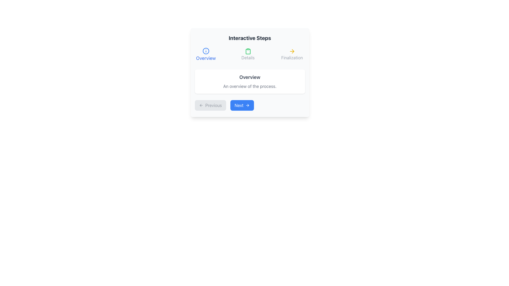  What do you see at coordinates (292, 51) in the screenshot?
I see `attributes of the forward action icon located in the Finalization section, which is the third and last step in the interactive steps list` at bounding box center [292, 51].